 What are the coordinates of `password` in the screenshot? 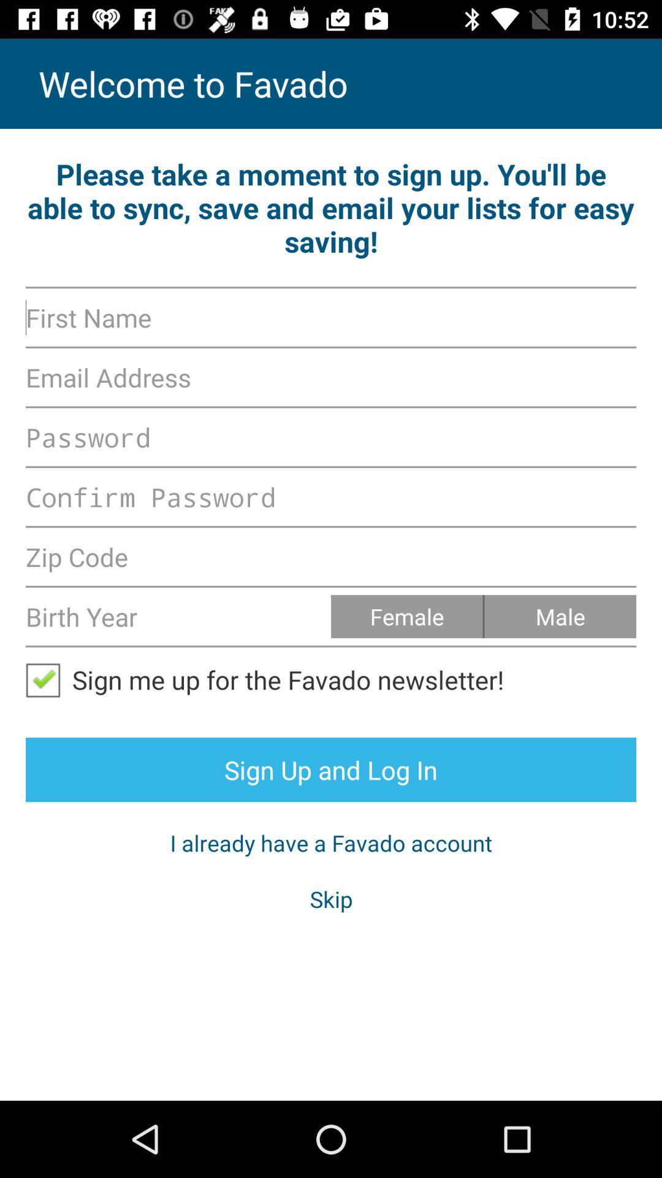 It's located at (331, 437).